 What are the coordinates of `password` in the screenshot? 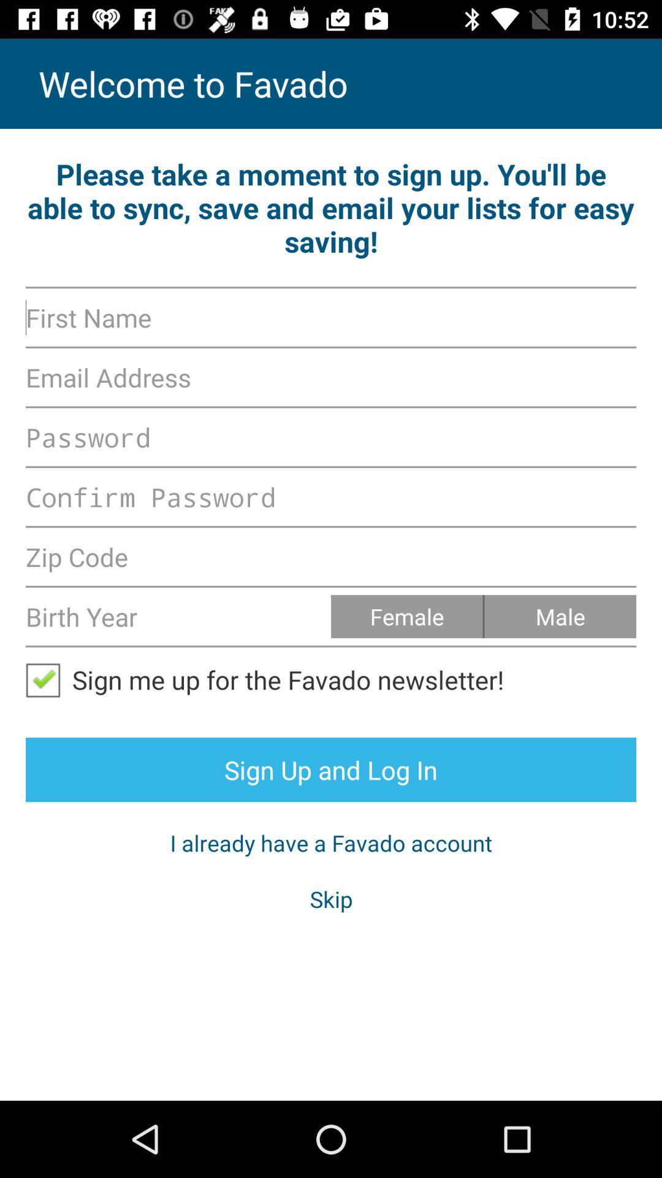 It's located at (331, 437).